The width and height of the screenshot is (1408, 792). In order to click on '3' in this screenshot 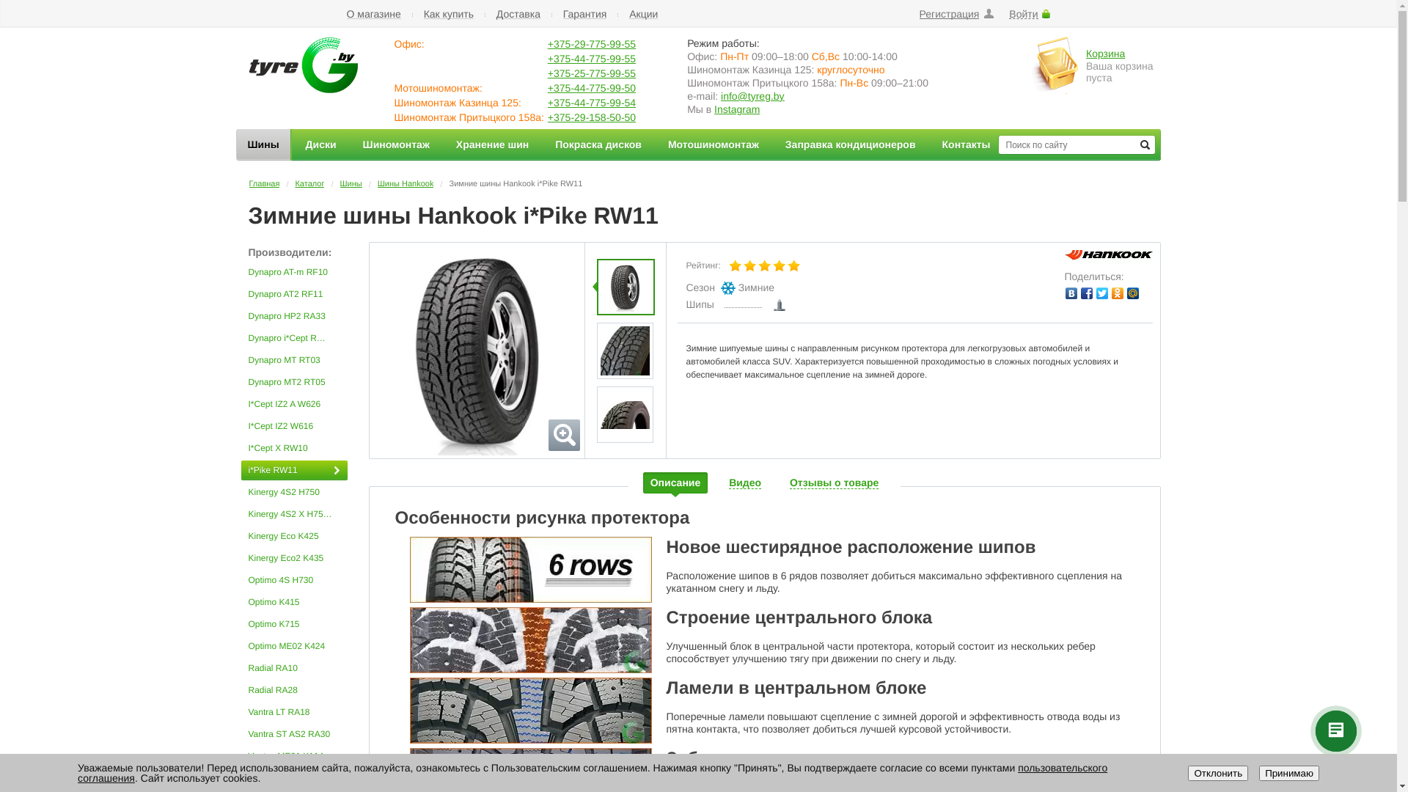, I will do `click(757, 265)`.